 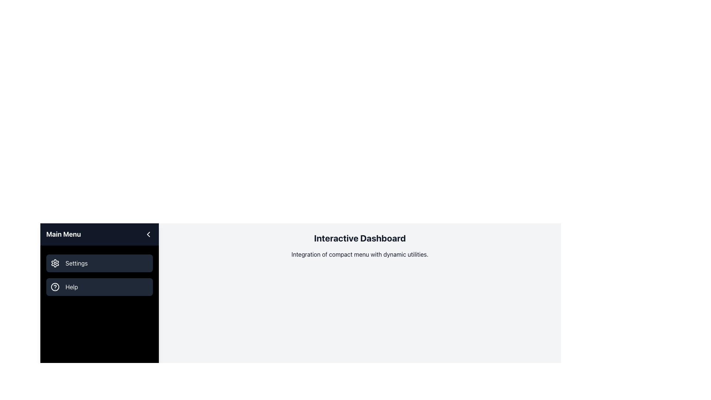 What do you see at coordinates (54, 263) in the screenshot?
I see `the gear icon representing the 'Settings' option in the Main Menu sidebar navigation` at bounding box center [54, 263].